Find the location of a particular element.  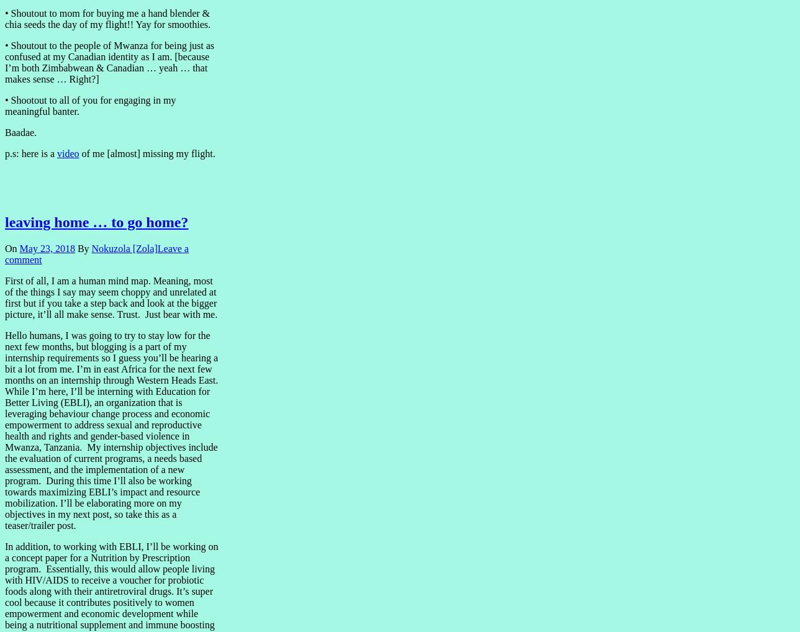

'By' is located at coordinates (75, 248).